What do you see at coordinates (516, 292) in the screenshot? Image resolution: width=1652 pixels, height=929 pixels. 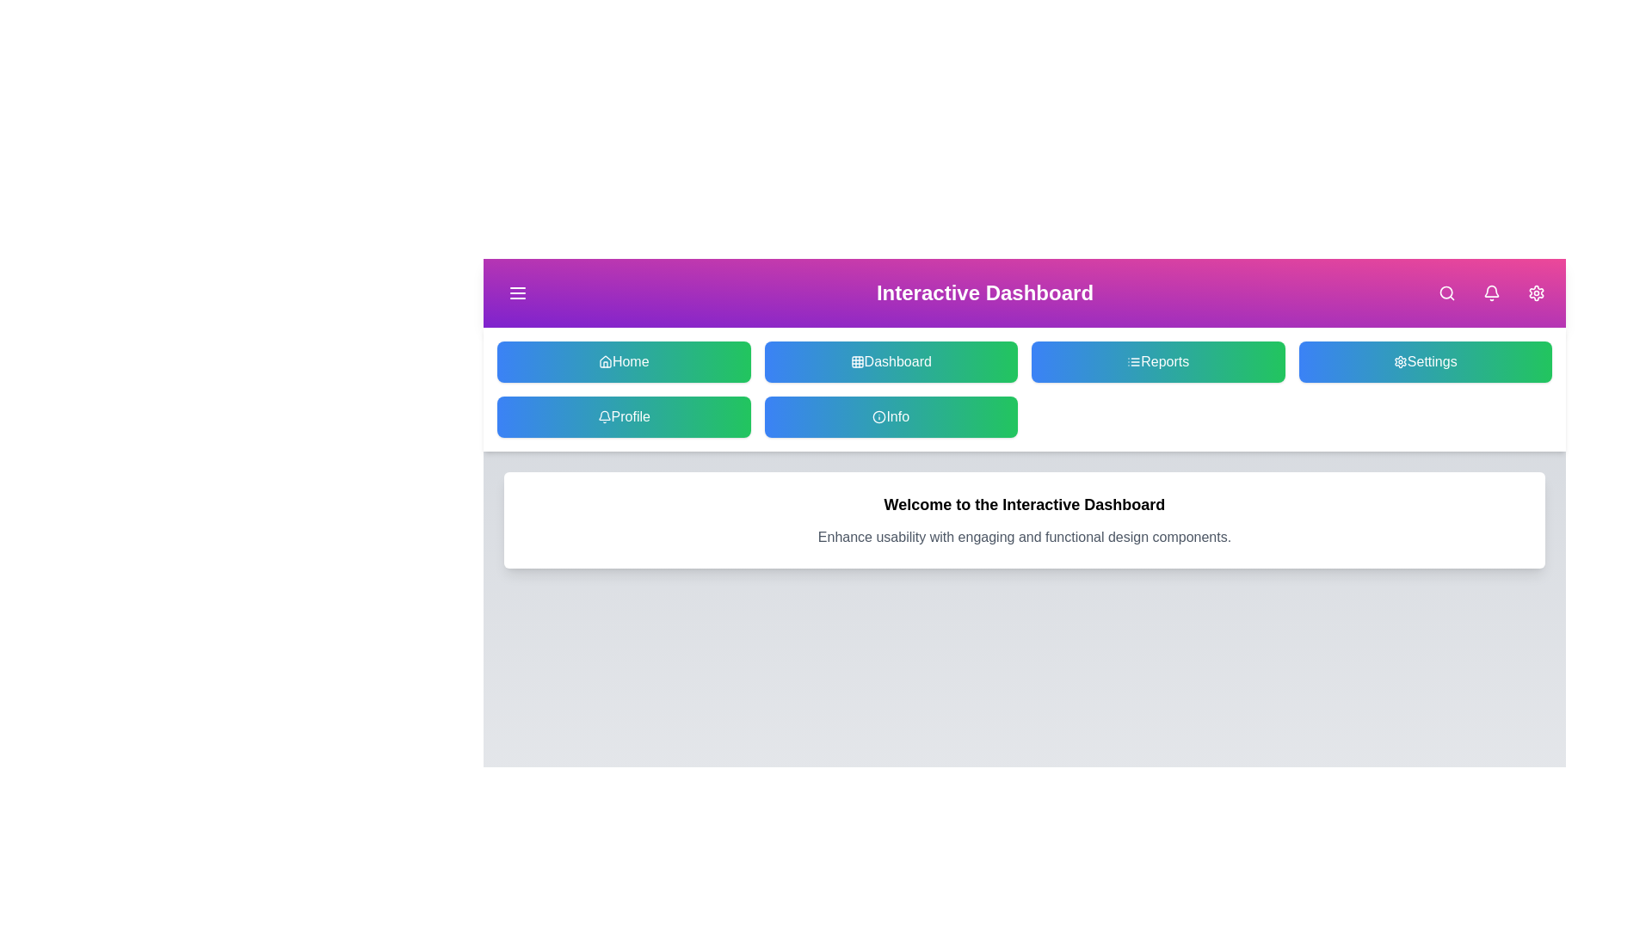 I see `the menu button to toggle the sidebar menu visibility` at bounding box center [516, 292].